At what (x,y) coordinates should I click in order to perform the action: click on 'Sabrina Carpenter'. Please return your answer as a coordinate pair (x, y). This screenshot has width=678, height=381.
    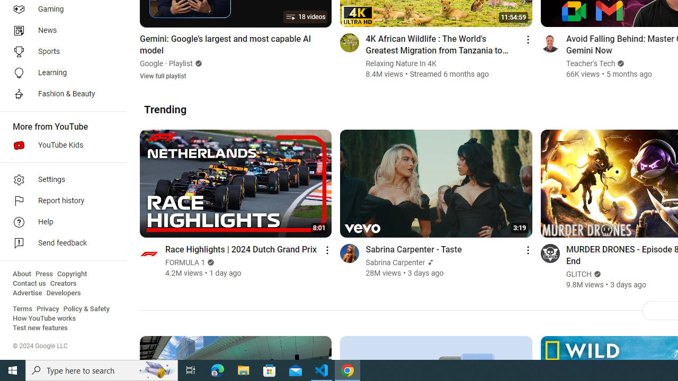
    Looking at the image, I should click on (395, 262).